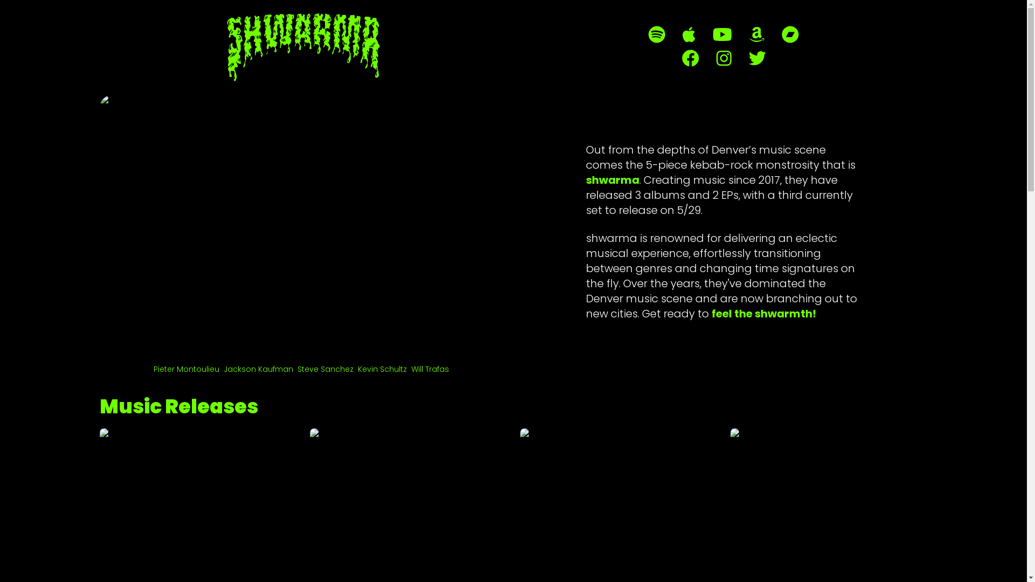  I want to click on 'Youtube Music', so click(722, 34).